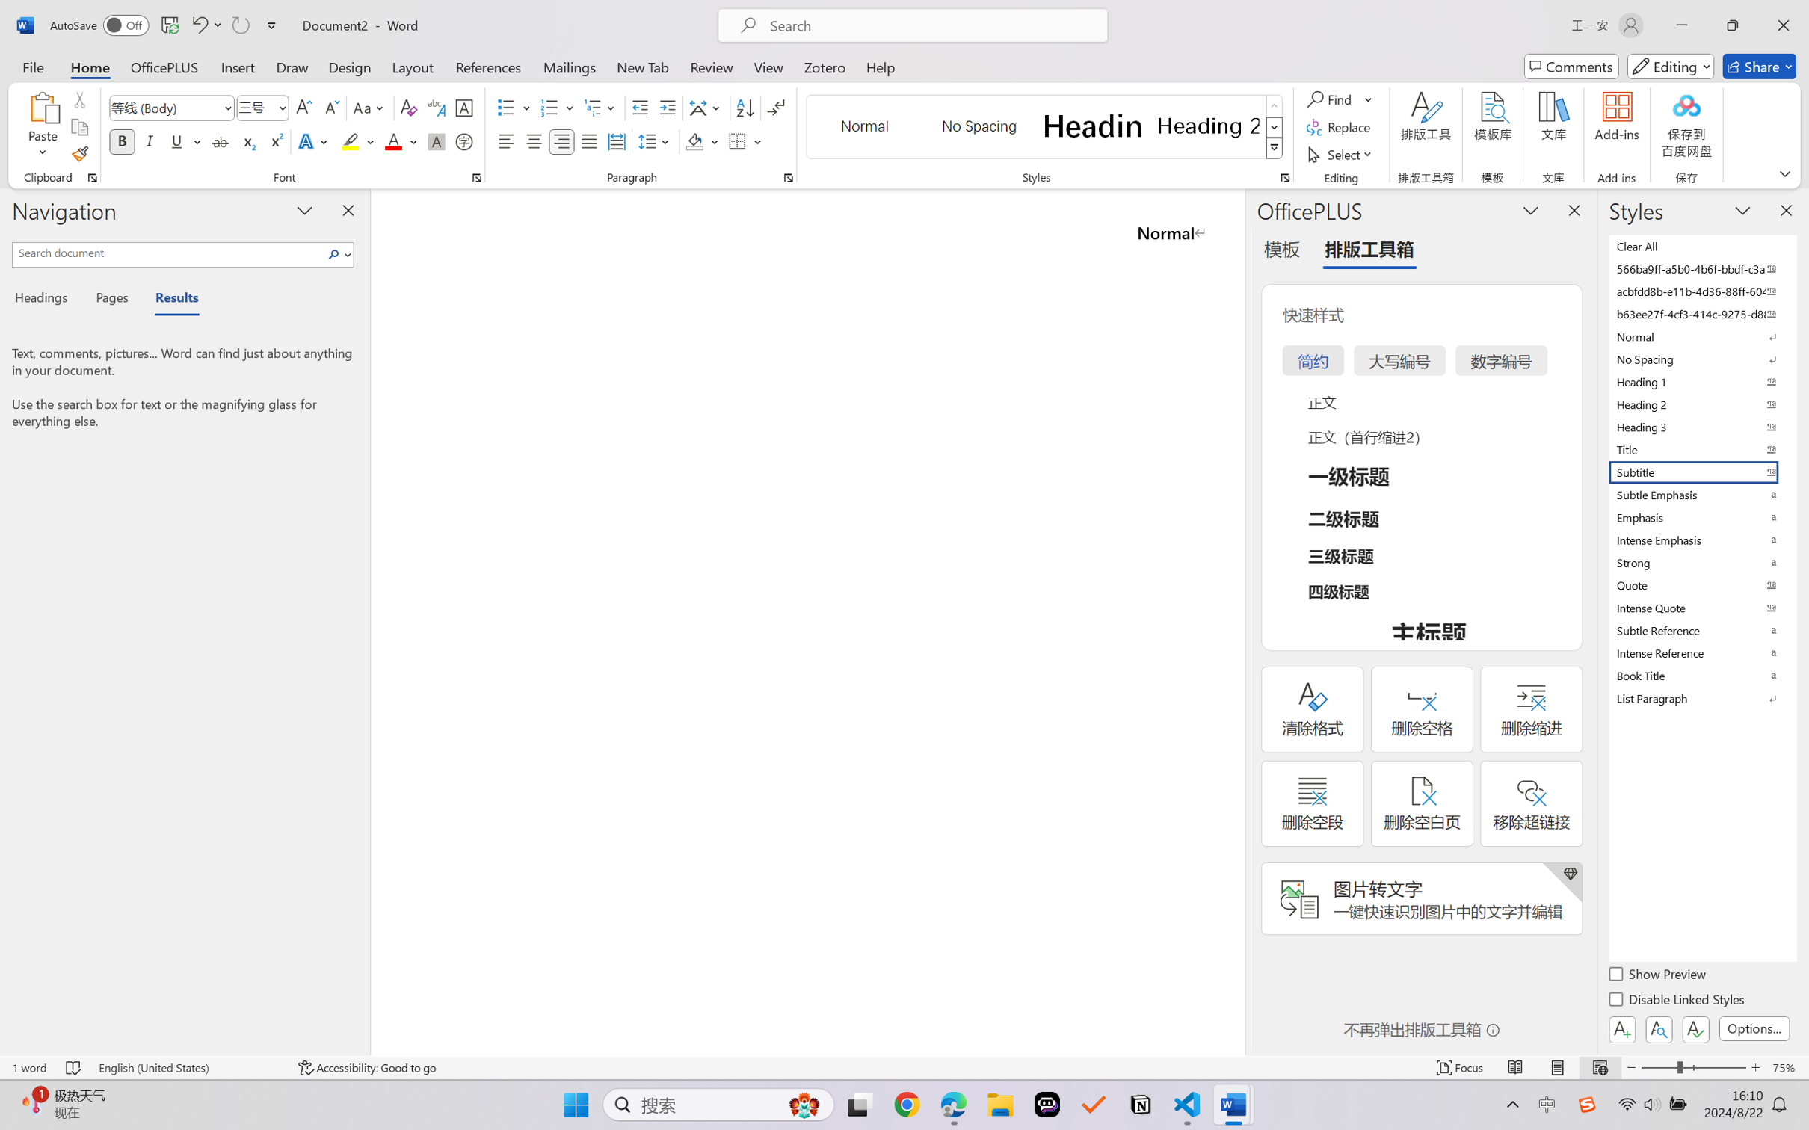 The height and width of the screenshot is (1130, 1809). I want to click on 'Zoom', so click(1694, 1067).